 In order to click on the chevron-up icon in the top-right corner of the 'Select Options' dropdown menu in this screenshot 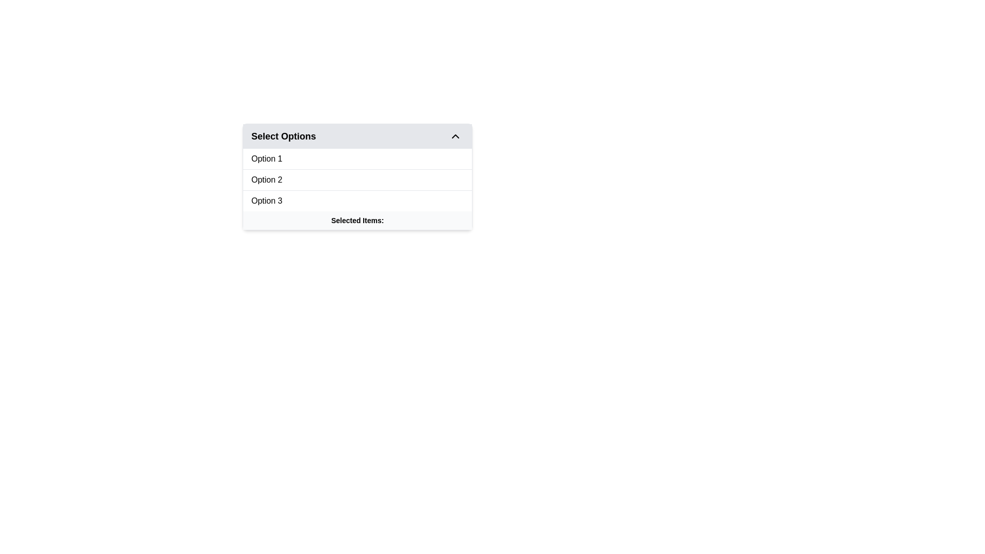, I will do `click(455, 136)`.